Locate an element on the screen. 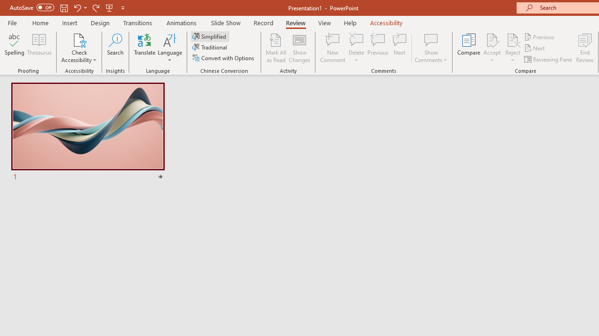  'Home' is located at coordinates (40, 22).